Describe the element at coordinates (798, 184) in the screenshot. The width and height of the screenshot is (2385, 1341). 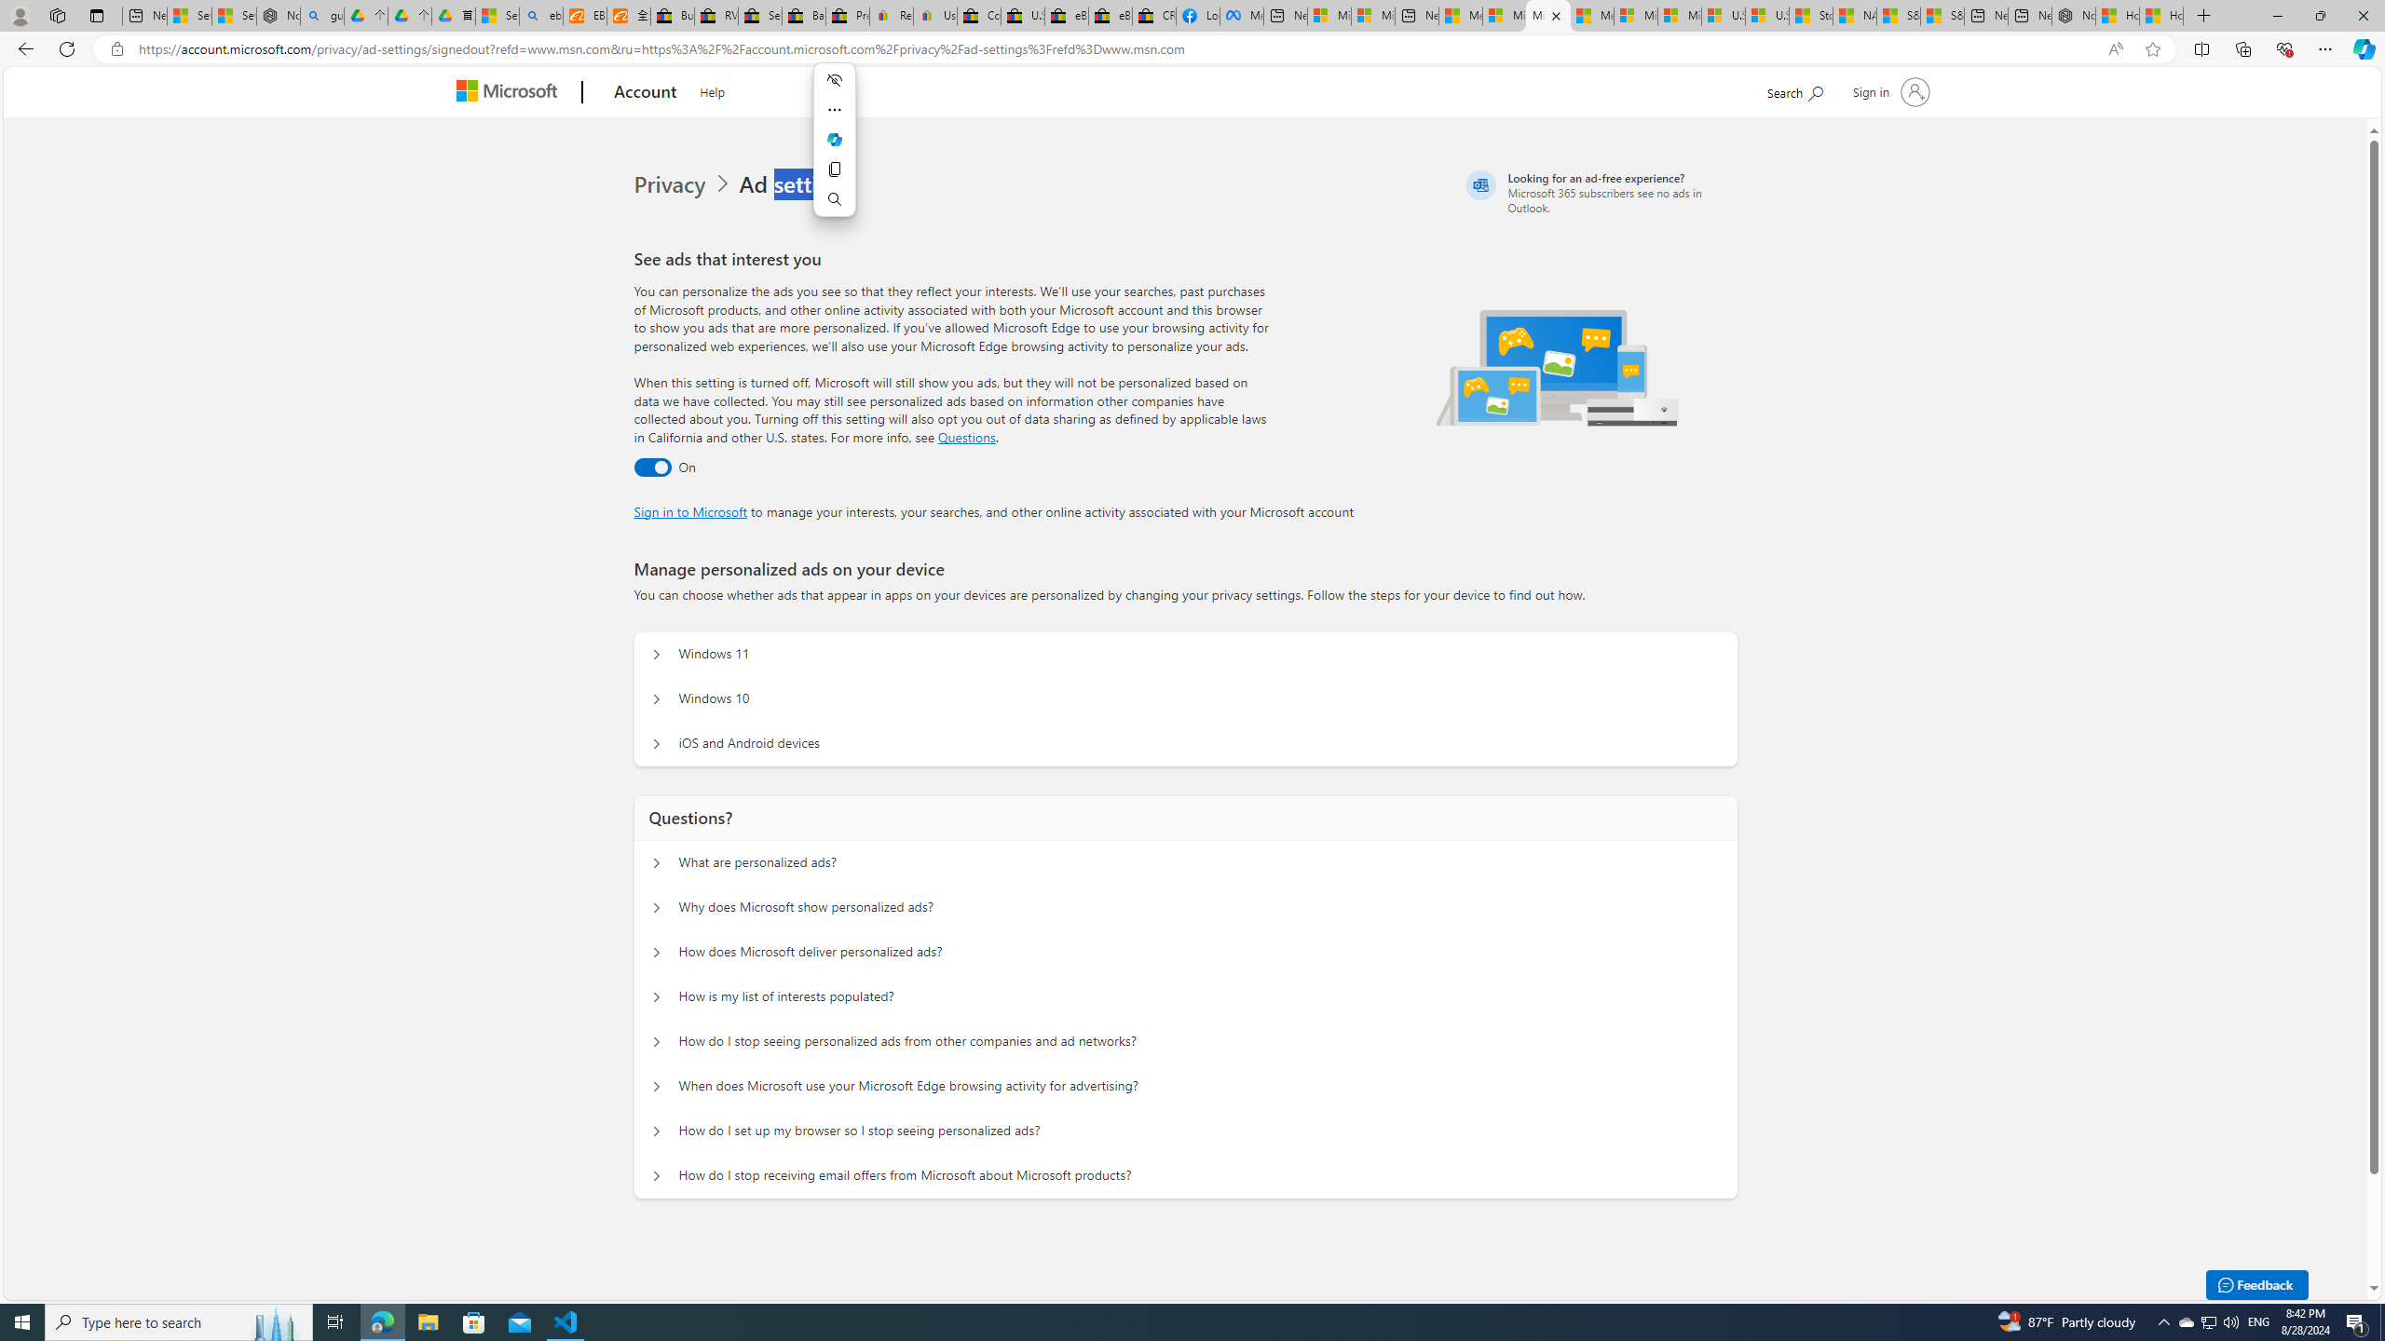
I see `'Ad settings'` at that location.